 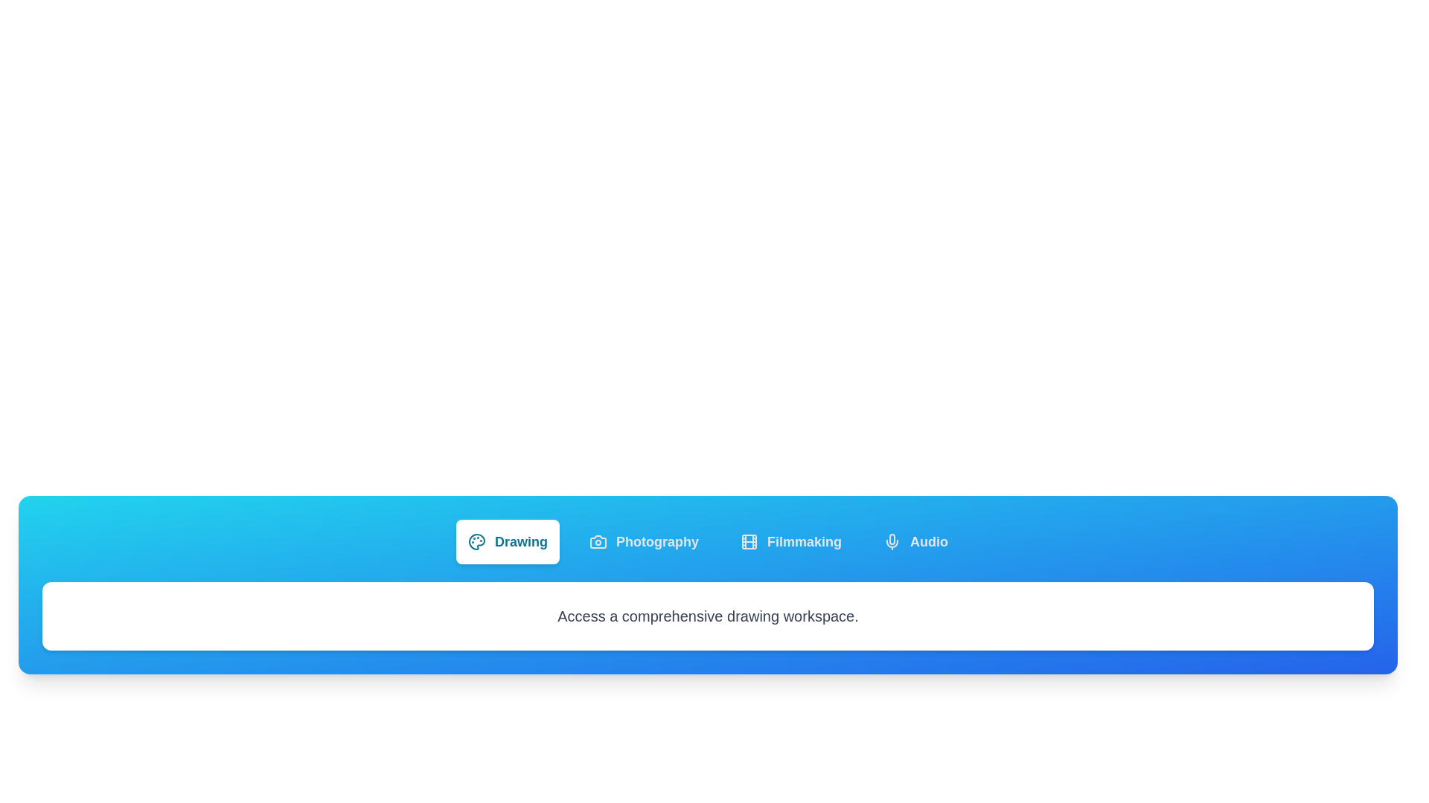 What do you see at coordinates (507, 542) in the screenshot?
I see `the tab labeled Drawing to display its content` at bounding box center [507, 542].